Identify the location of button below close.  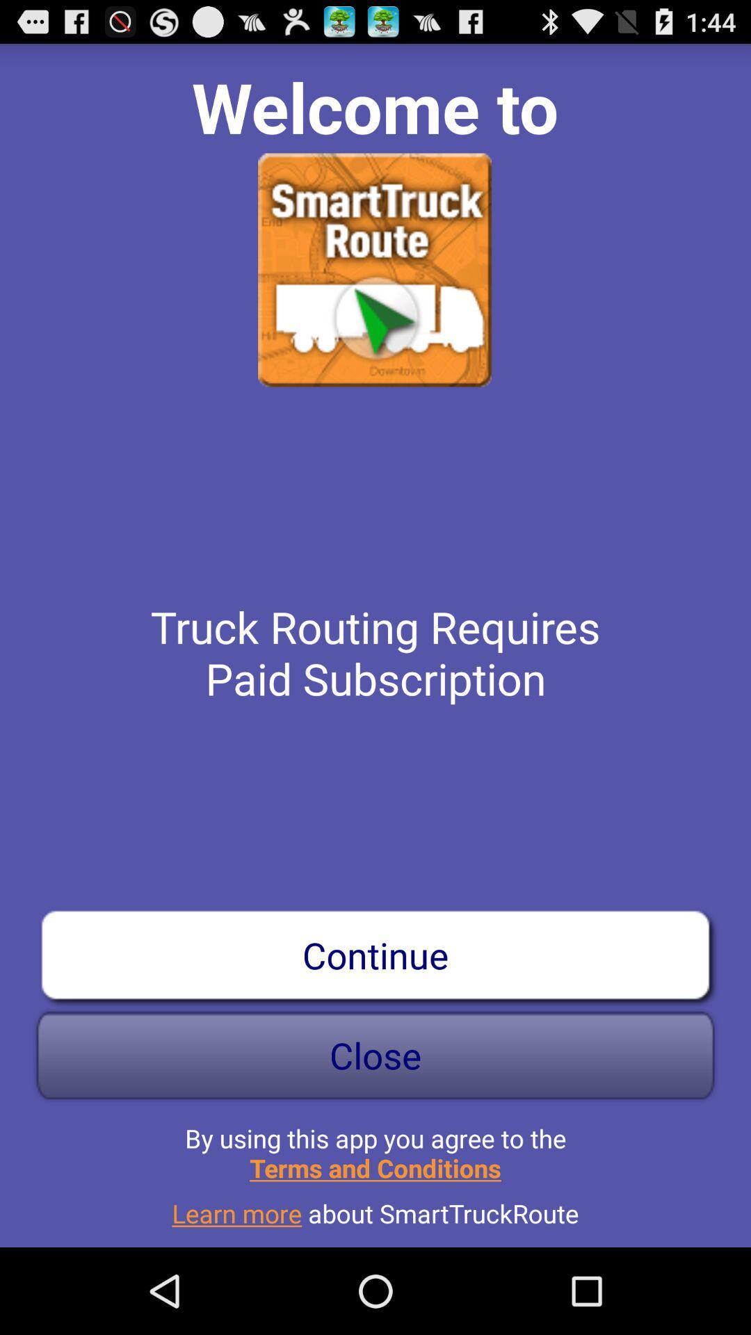
(375, 1147).